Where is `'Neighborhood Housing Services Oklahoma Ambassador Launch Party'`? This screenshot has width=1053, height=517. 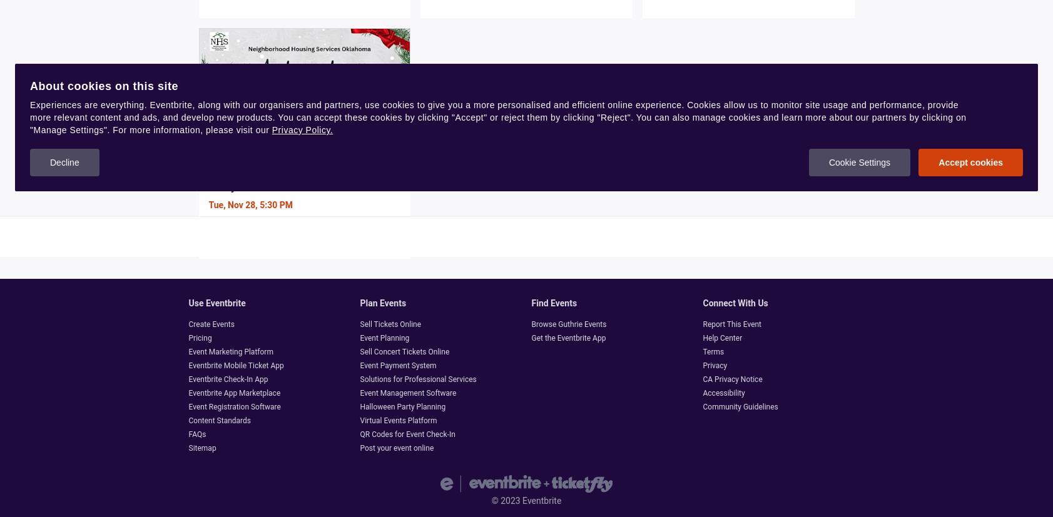
'Neighborhood Housing Services Oklahoma Ambassador Launch Party' is located at coordinates (292, 171).